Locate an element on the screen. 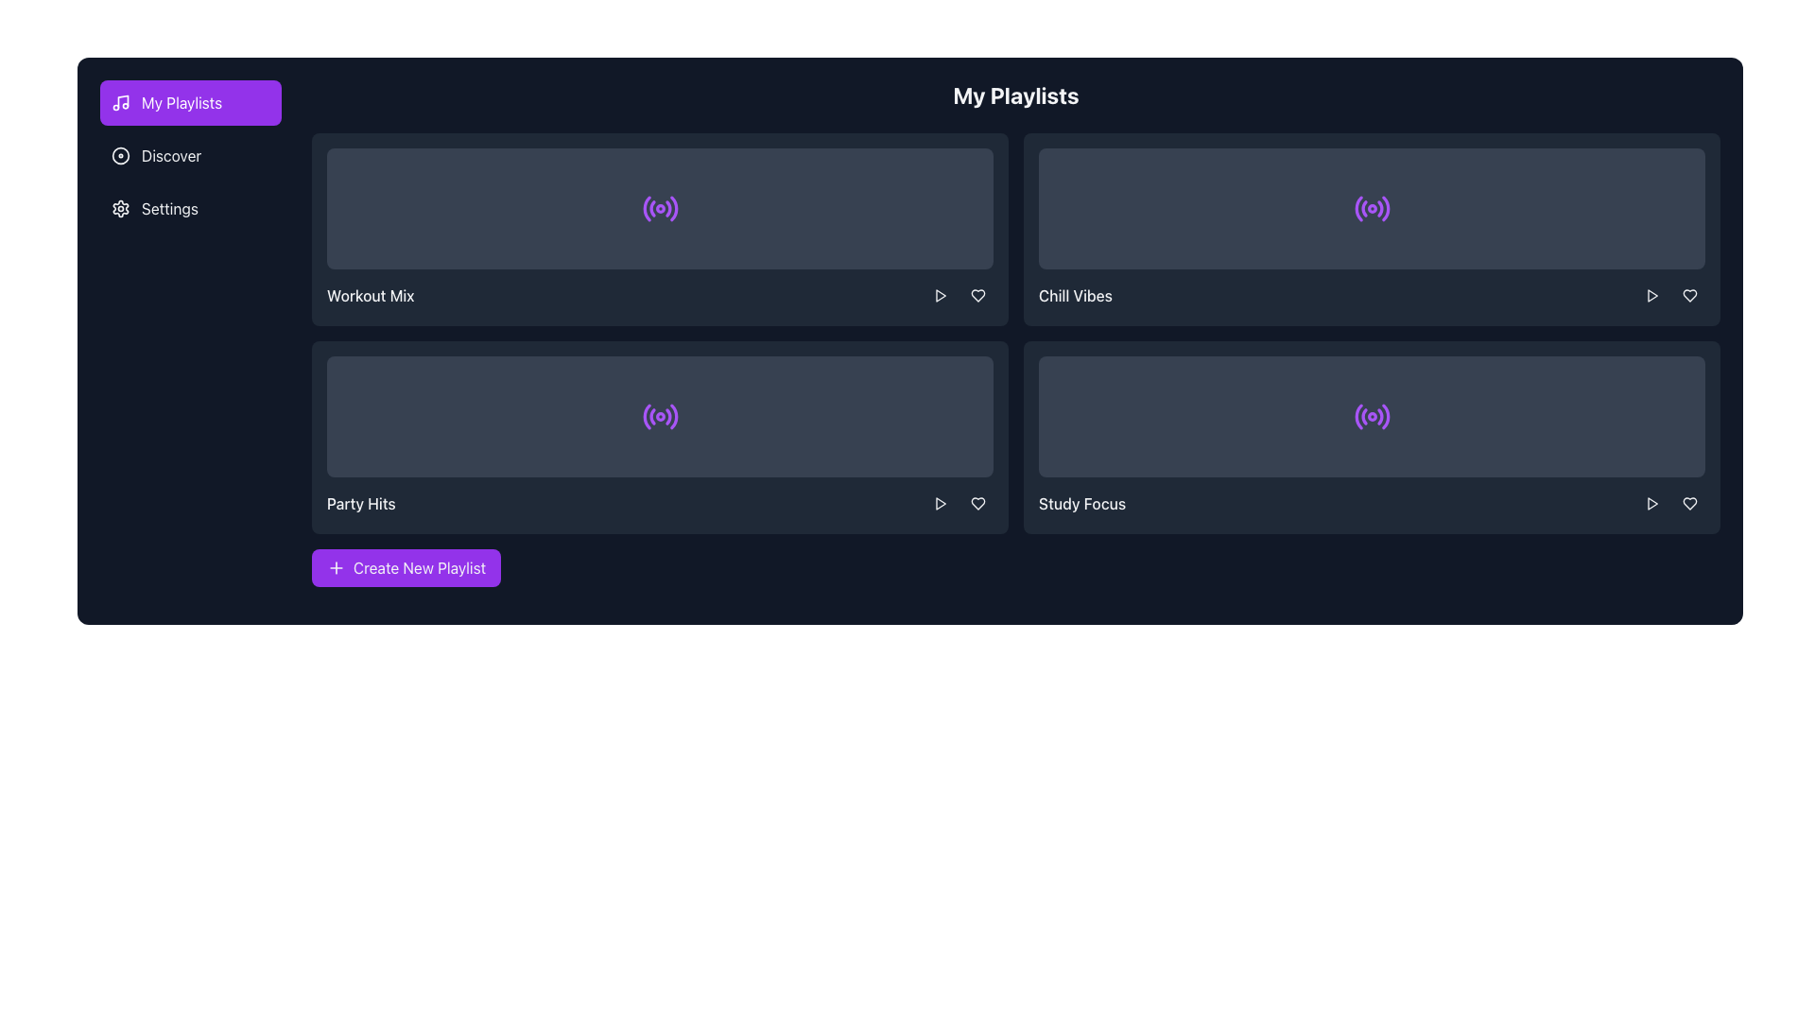  the heart-shaped SVG icon in the bottom-right corner of the 'Study Focus' playlist card to mark it as a favorite is located at coordinates (978, 502).